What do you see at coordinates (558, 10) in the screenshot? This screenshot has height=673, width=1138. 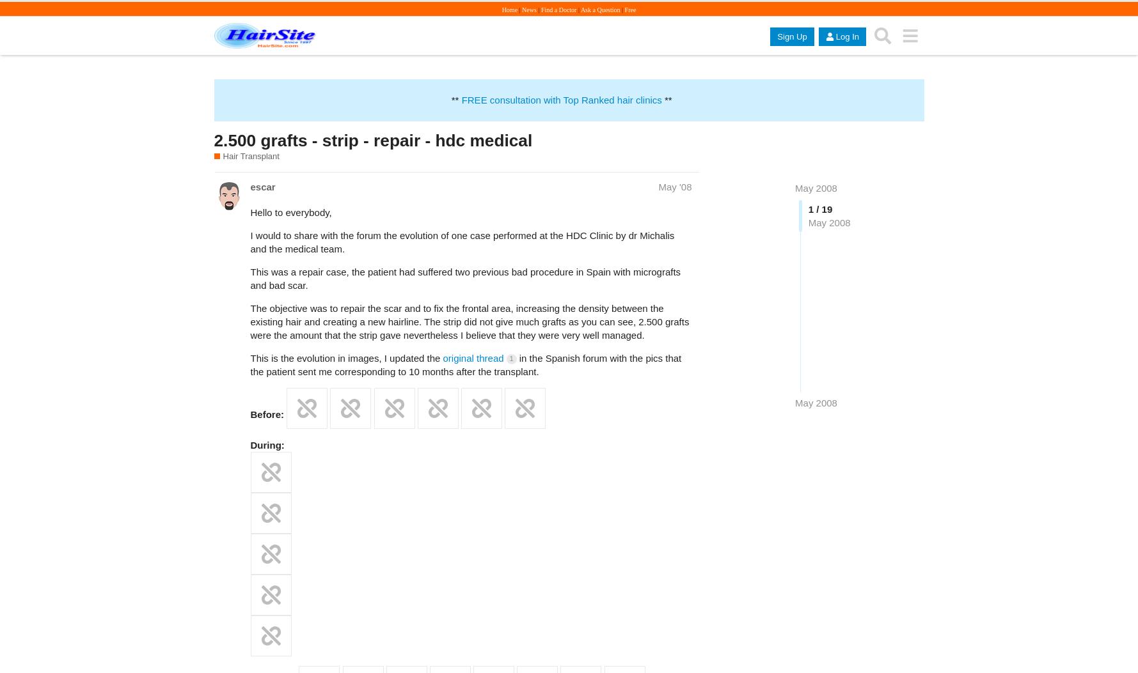 I see `'Find a Doctor'` at bounding box center [558, 10].